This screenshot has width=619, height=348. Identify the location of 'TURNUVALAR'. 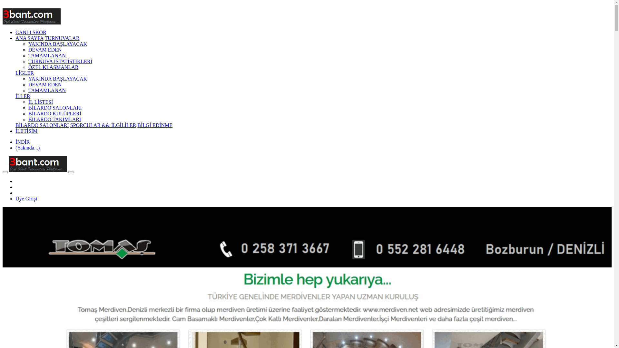
(62, 38).